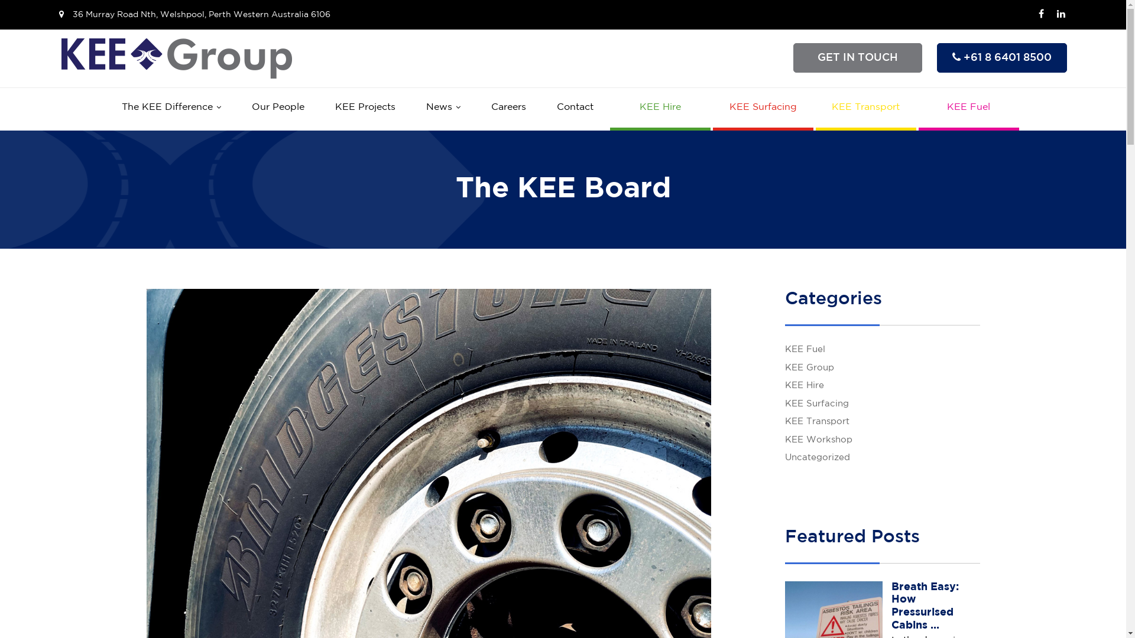 Image resolution: width=1135 pixels, height=638 pixels. I want to click on 'Breath Easy: How Pressurised Cabins ...', so click(924, 606).